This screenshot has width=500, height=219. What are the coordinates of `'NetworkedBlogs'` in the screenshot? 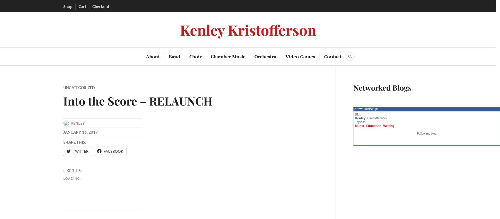 It's located at (366, 109).